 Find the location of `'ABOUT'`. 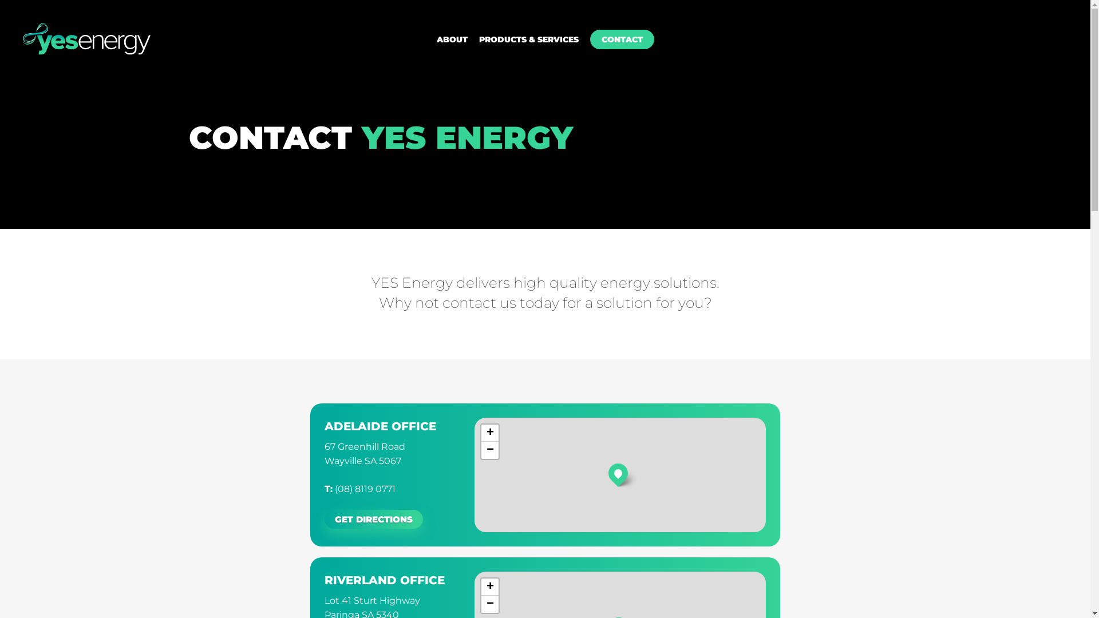

'ABOUT' is located at coordinates (450, 39).